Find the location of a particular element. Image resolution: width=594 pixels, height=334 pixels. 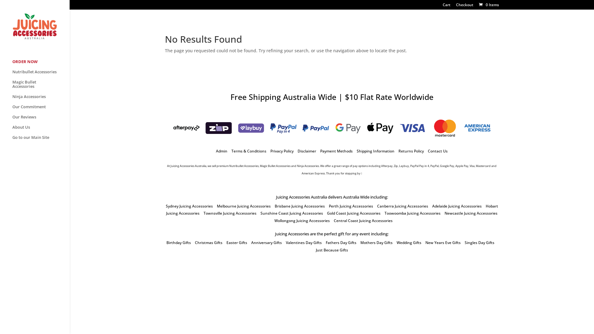

'Contact Us' is located at coordinates (437, 151).